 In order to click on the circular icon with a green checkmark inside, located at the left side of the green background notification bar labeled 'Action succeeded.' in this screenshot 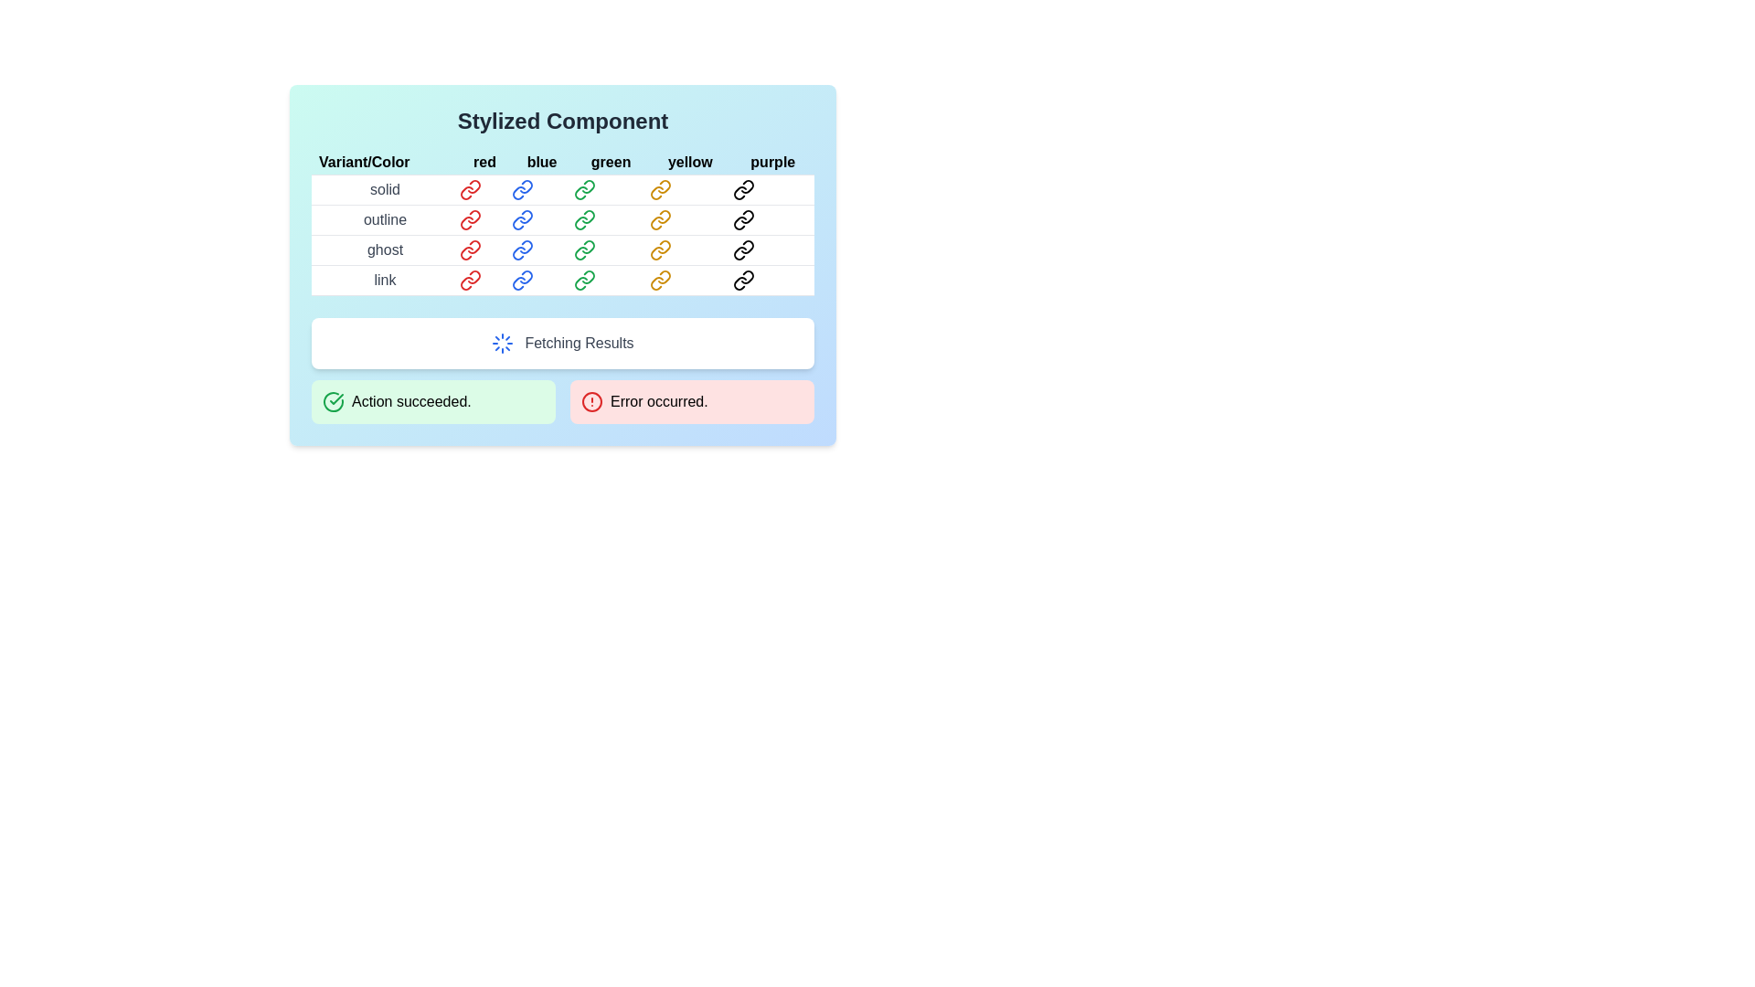, I will do `click(333, 400)`.